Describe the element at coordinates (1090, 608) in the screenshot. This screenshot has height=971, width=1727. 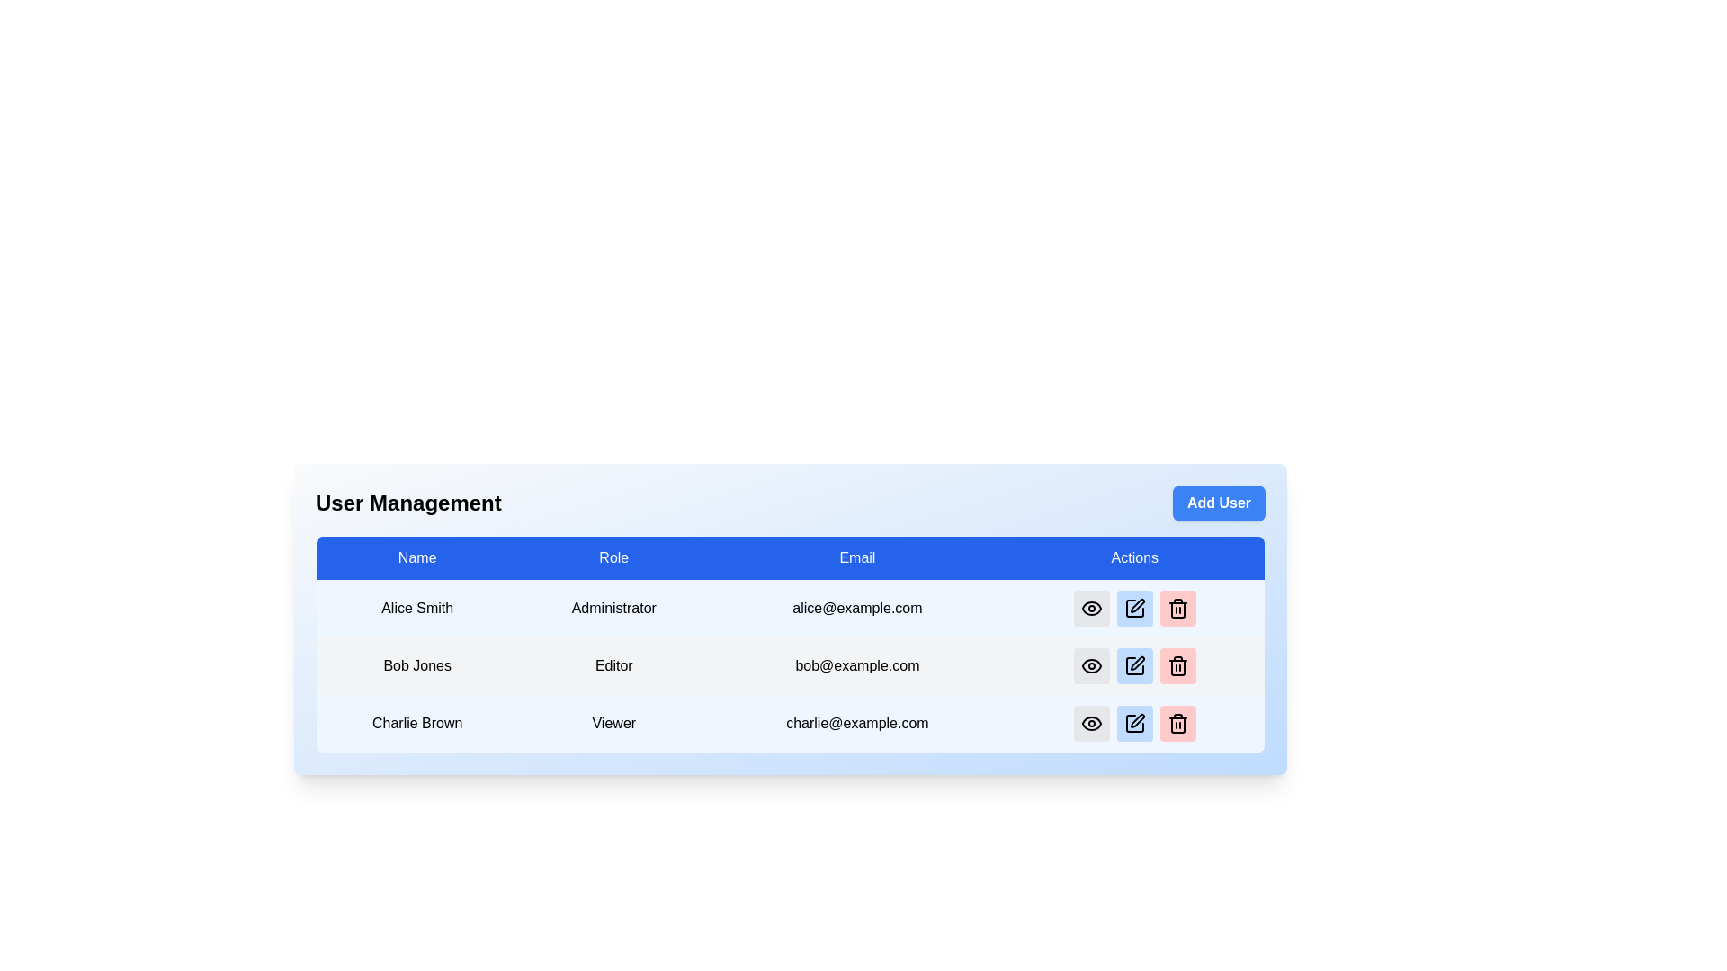
I see `the eye-shaped icon button in the 'Actions' column for the user 'Alice Smith'` at that location.